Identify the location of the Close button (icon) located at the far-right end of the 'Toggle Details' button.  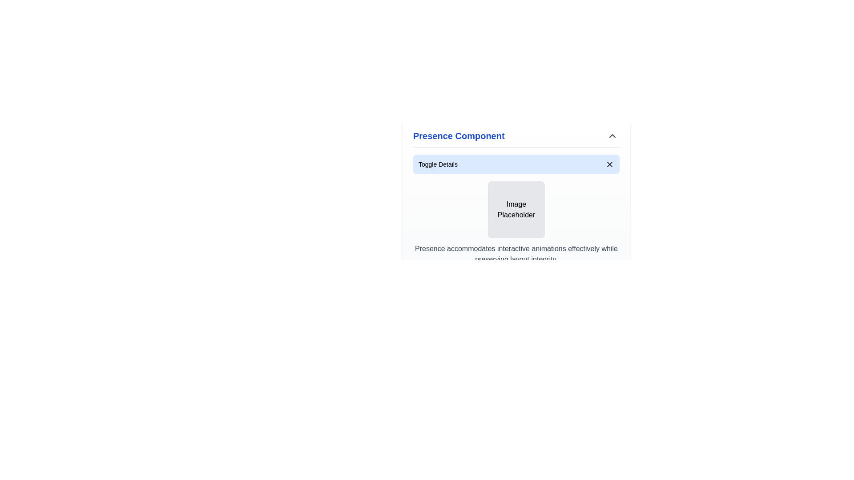
(609, 164).